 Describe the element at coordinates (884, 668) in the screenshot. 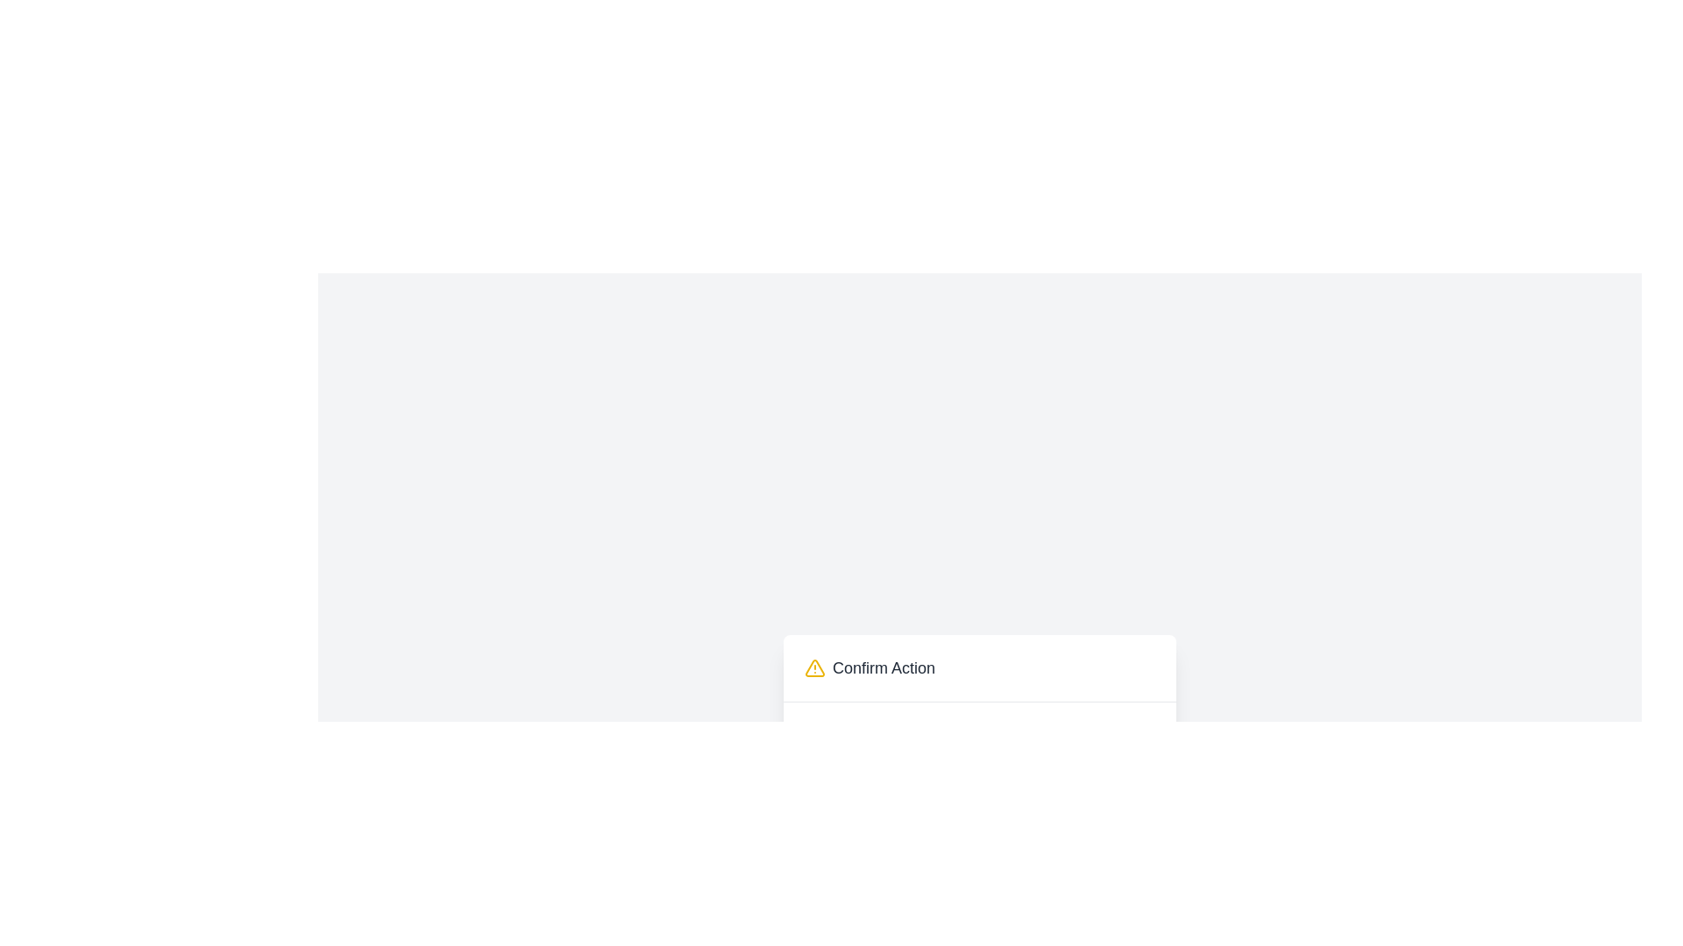

I see `the static text label reading 'Confirm Action', which is styled with a gray font and positioned next to the yellow warning icon` at that location.